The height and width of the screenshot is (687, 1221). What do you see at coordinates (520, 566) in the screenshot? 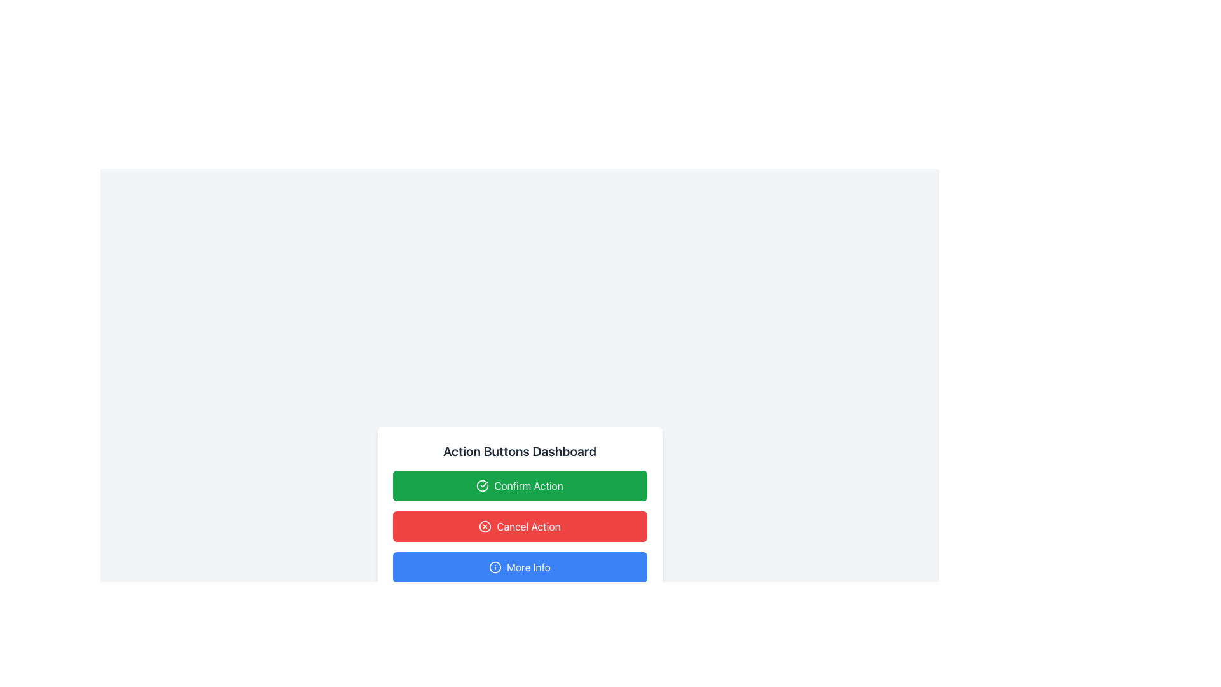
I see `the third button in a vertically aligned group of three buttons` at bounding box center [520, 566].